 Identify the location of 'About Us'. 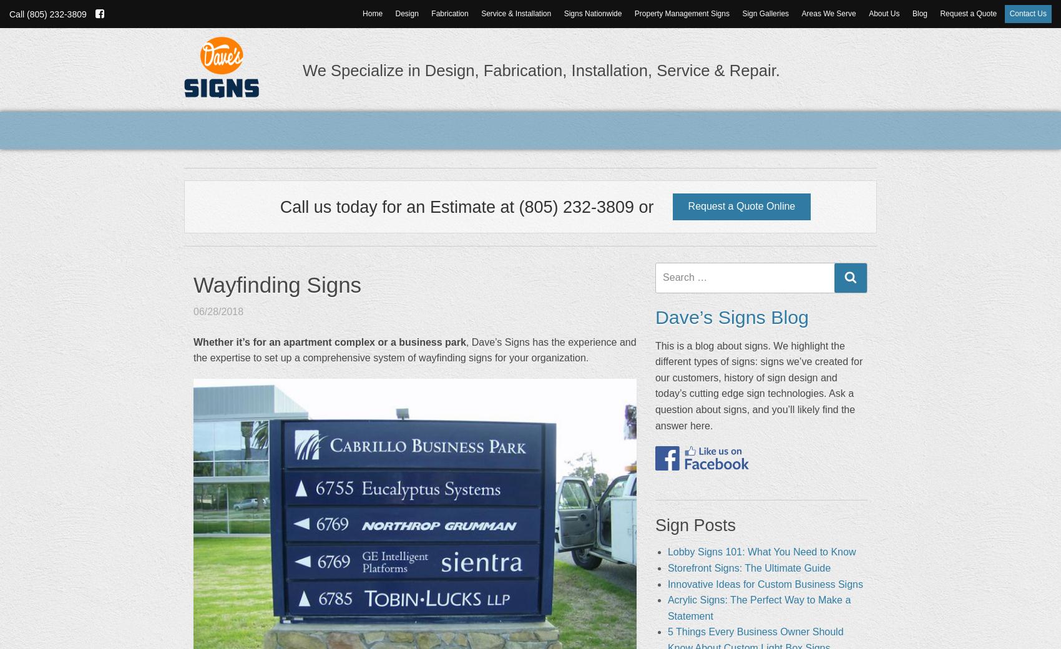
(883, 13).